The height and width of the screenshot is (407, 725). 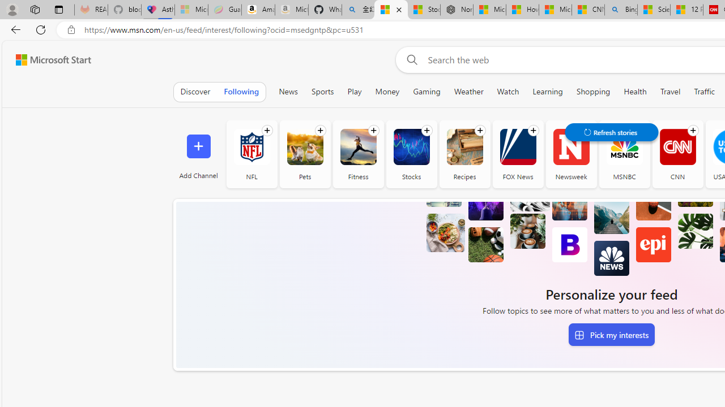 What do you see at coordinates (411, 146) in the screenshot?
I see `'Stocks'` at bounding box center [411, 146].